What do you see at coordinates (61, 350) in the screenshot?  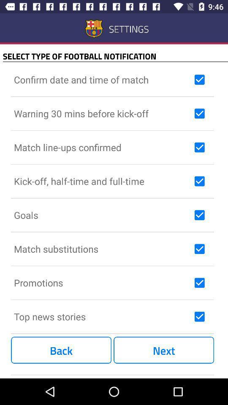 I see `item next to the next item` at bounding box center [61, 350].